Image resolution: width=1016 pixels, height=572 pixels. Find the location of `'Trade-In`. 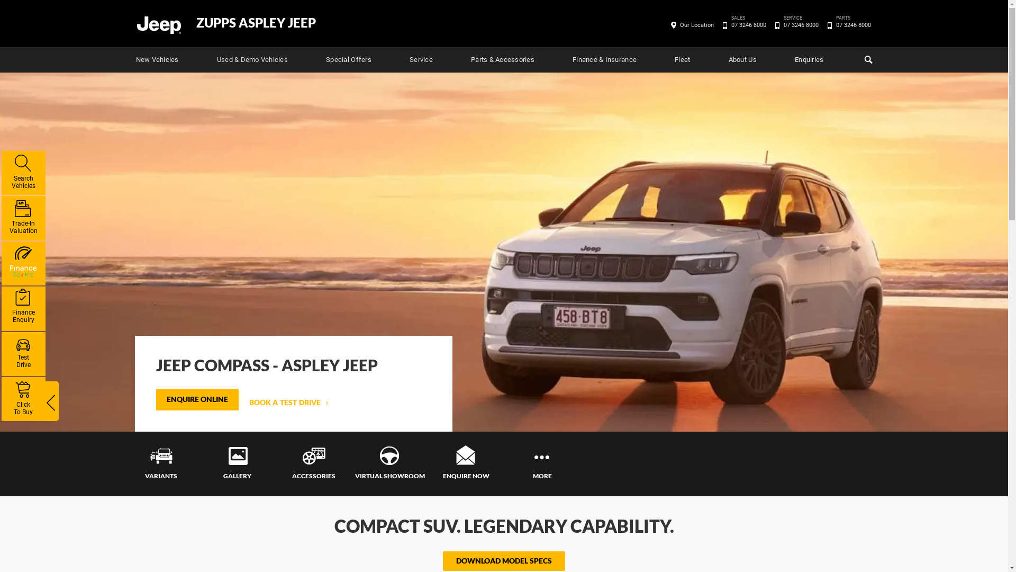

'Trade-In is located at coordinates (23, 217).